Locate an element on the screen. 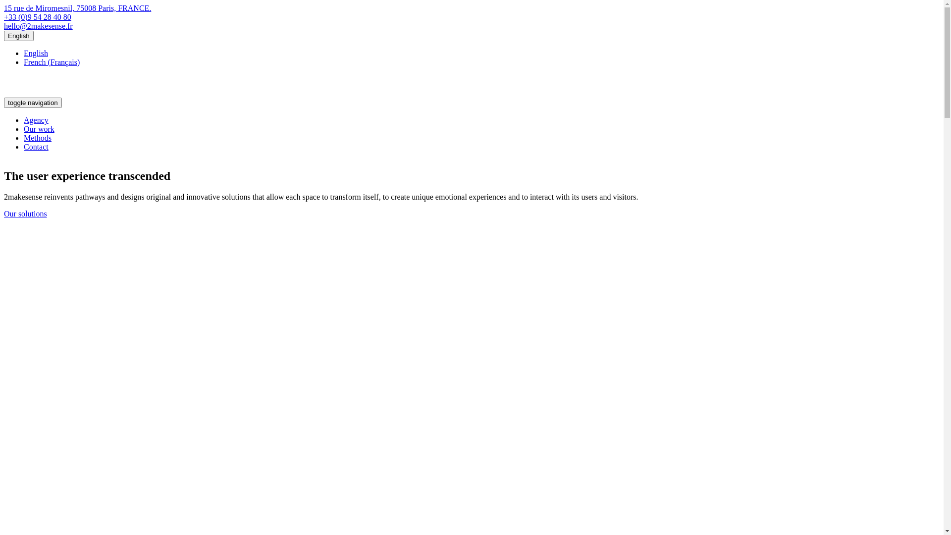 This screenshot has height=535, width=951. 'toggle navigation' is located at coordinates (33, 103).